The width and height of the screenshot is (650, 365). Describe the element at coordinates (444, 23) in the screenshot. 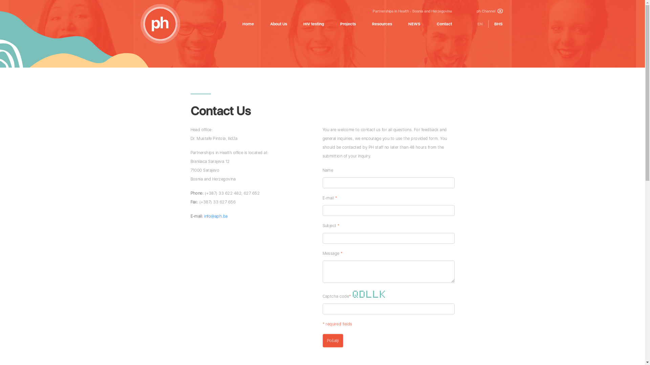

I see `'Contact'` at that location.